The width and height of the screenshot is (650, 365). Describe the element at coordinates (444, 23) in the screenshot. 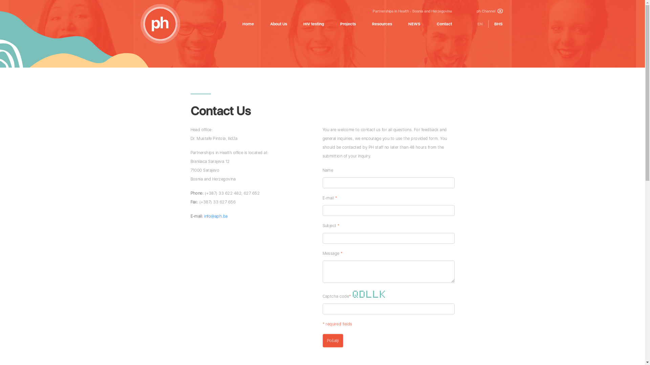

I see `'Contact'` at that location.